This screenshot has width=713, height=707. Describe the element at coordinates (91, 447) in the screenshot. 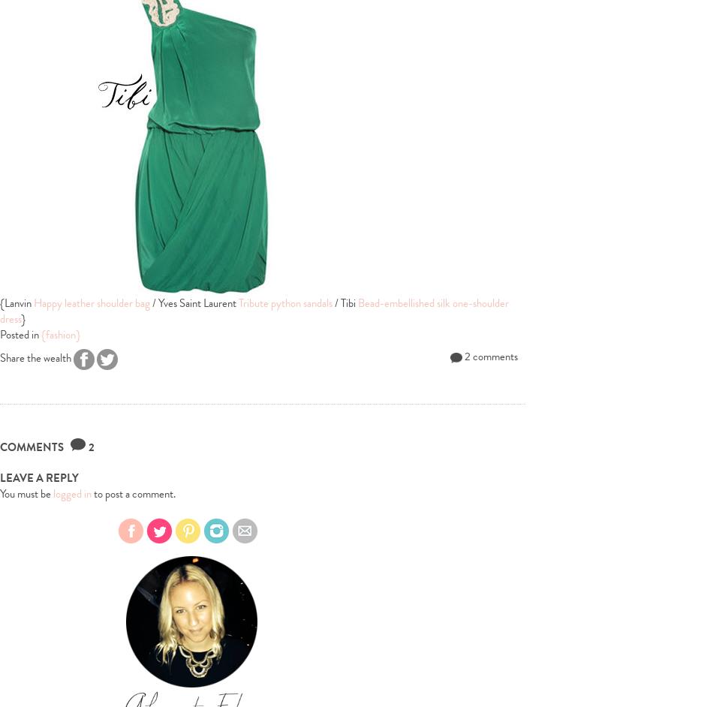

I see `'2'` at that location.